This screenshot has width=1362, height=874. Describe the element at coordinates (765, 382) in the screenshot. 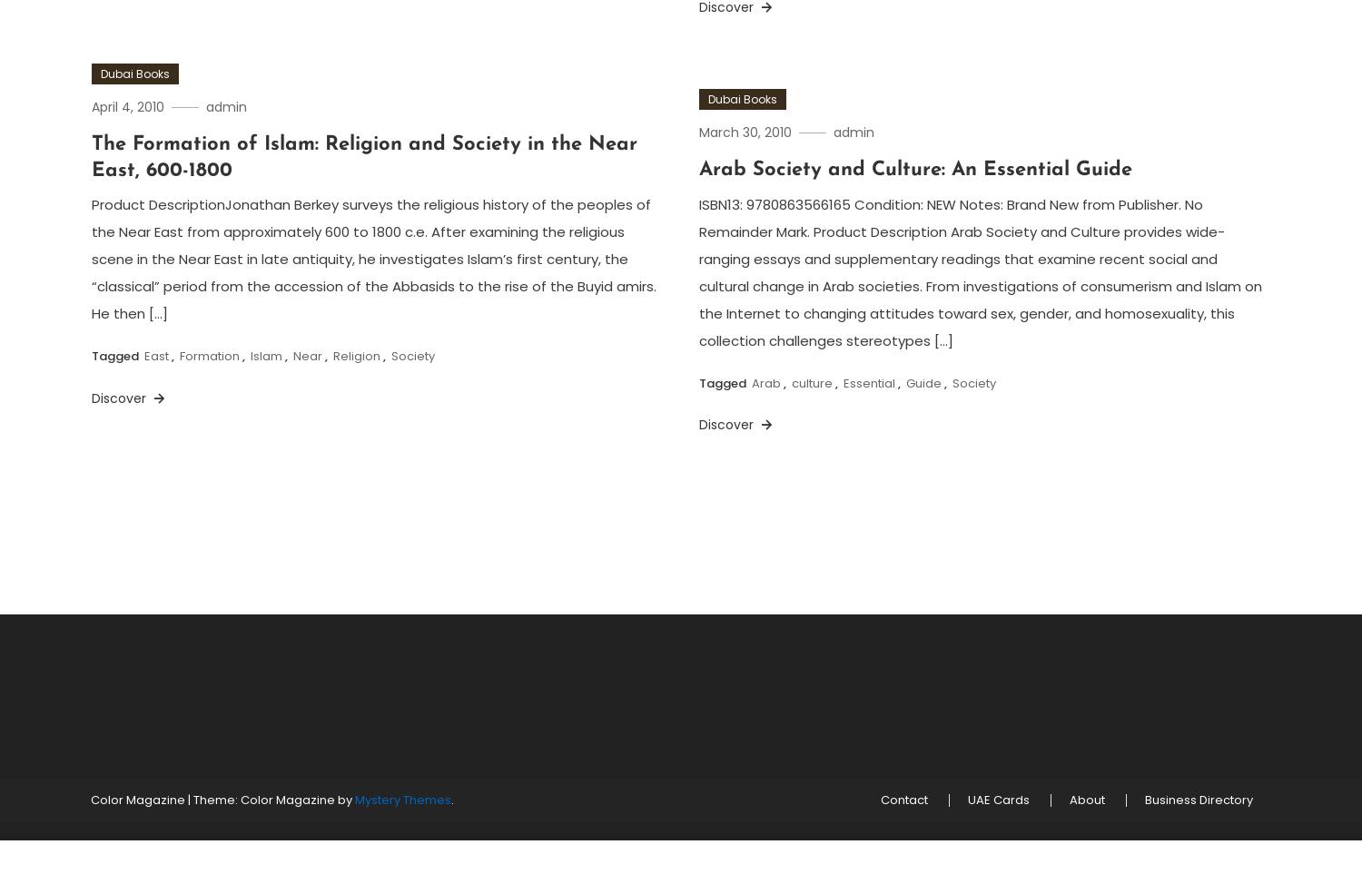

I see `'Arab'` at that location.